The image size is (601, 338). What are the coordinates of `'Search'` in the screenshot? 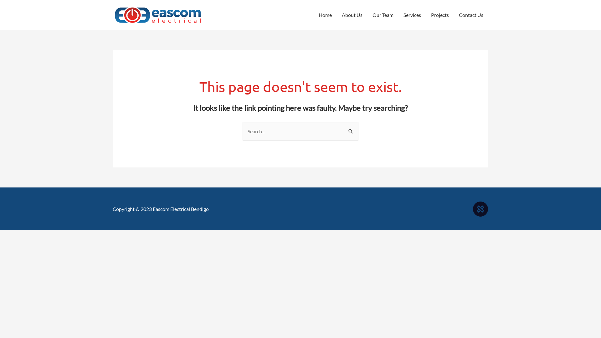 It's located at (351, 130).